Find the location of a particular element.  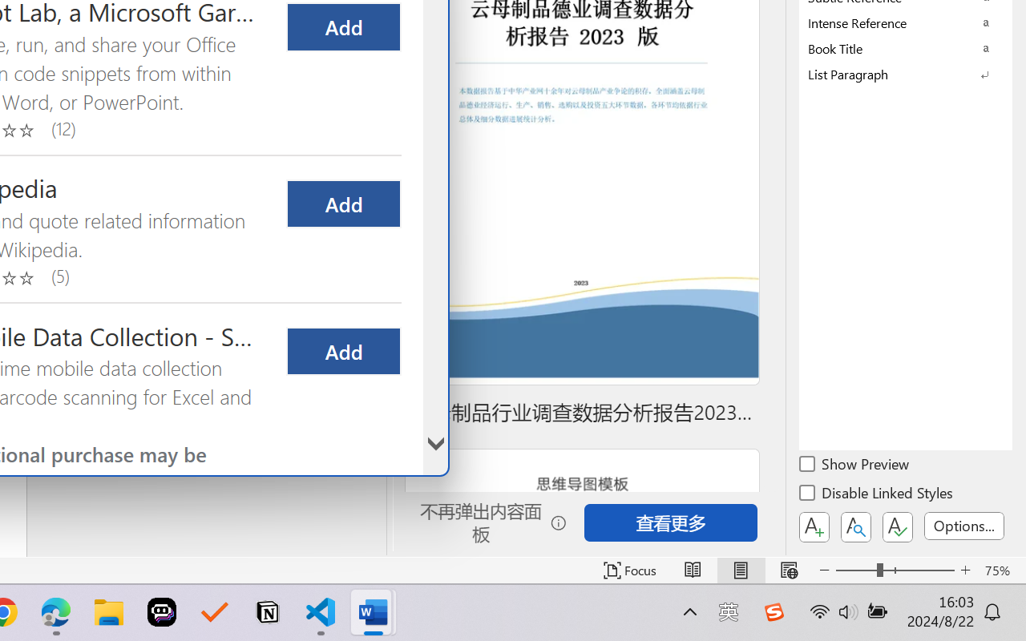

'Intense Reference' is located at coordinates (906, 22).